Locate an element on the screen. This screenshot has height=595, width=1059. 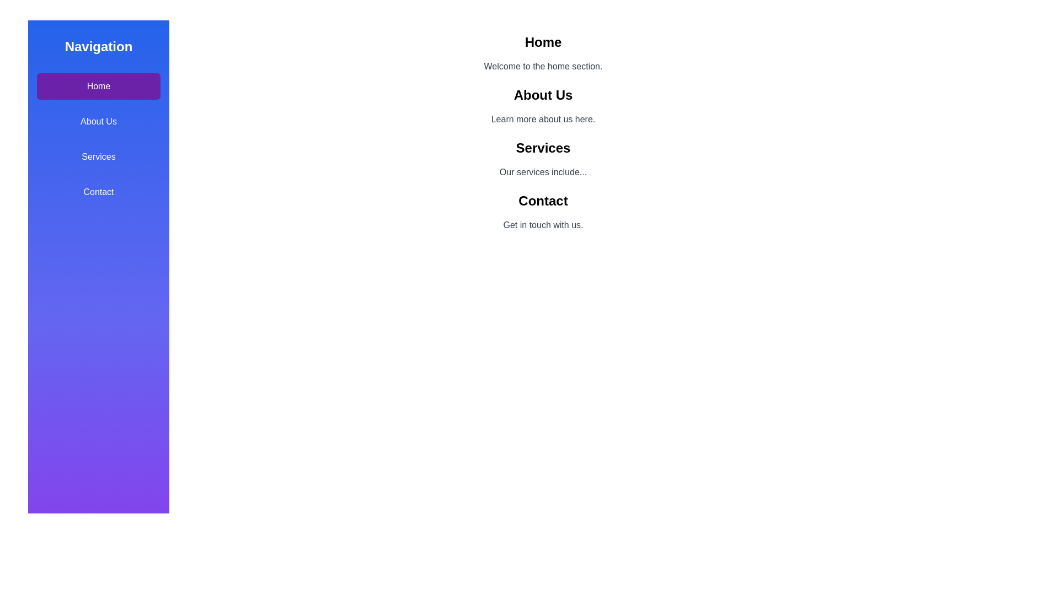
the 'Services' button, which is the third item in the vertical navigation menu with a blue gradient background, to observe its hover effect is located at coordinates (98, 157).